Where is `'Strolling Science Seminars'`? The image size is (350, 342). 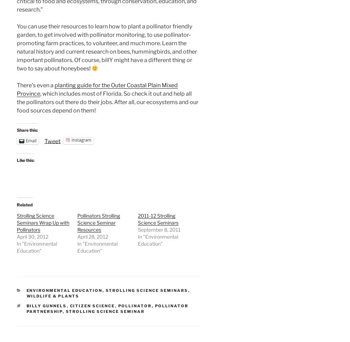 'Strolling Science Seminars' is located at coordinates (147, 290).